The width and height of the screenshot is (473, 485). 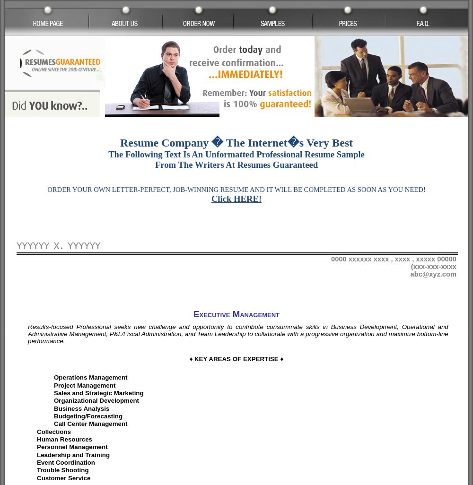 What do you see at coordinates (236, 154) in the screenshot?
I see `'The Following Text Is An Unformatted Professional Resume Sample'` at bounding box center [236, 154].